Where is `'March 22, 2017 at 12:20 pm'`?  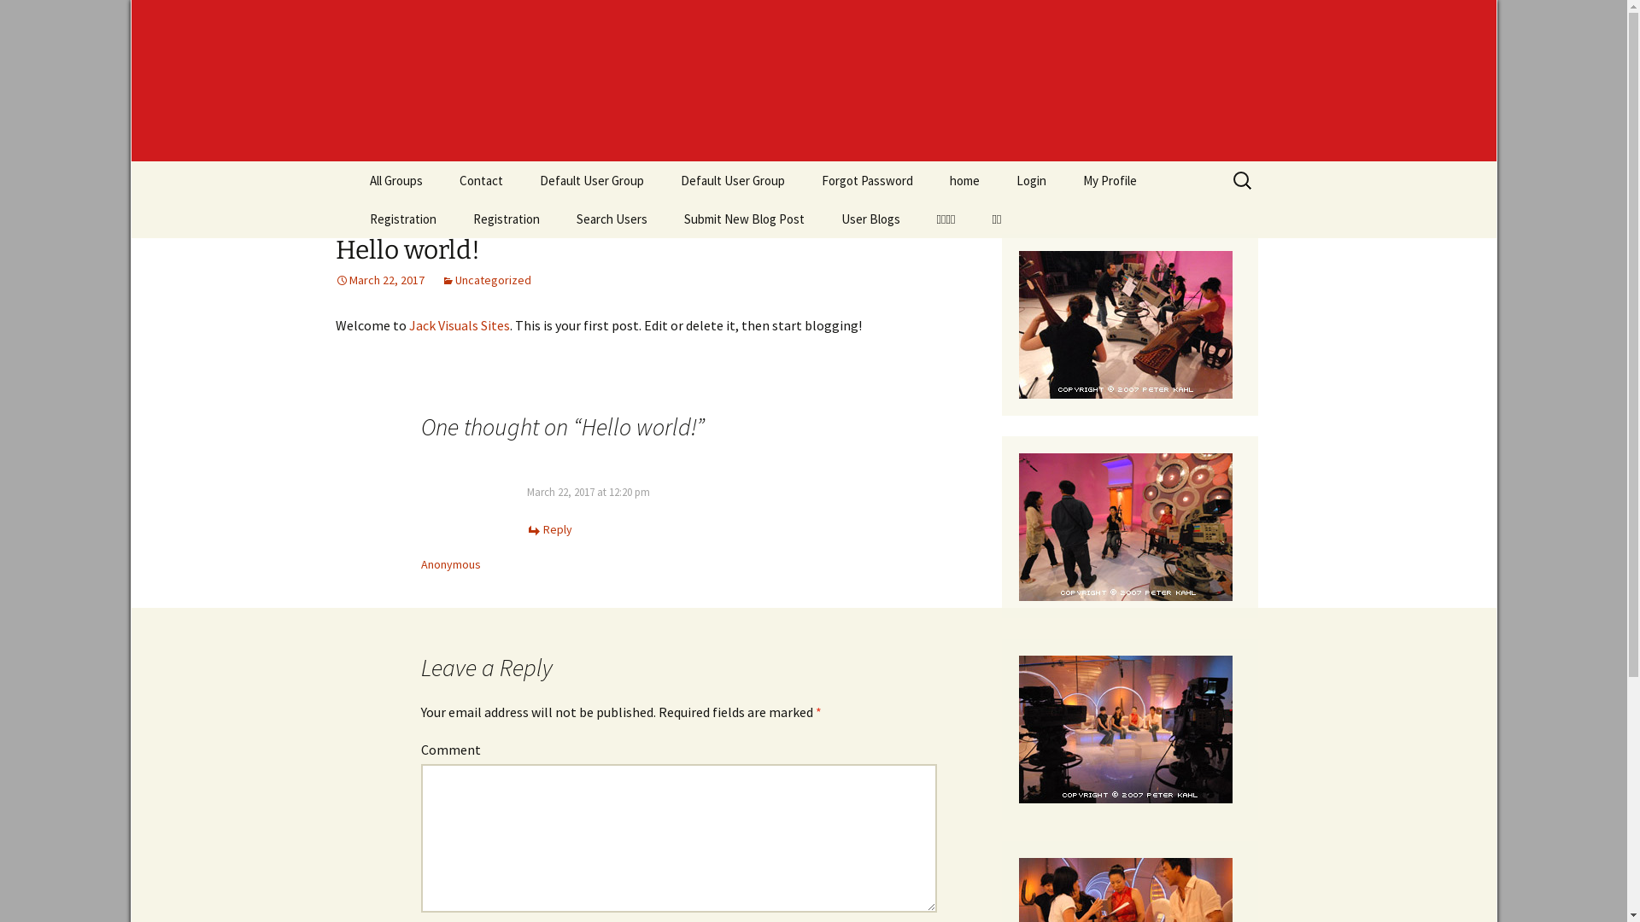
'March 22, 2017 at 12:20 pm' is located at coordinates (587, 492).